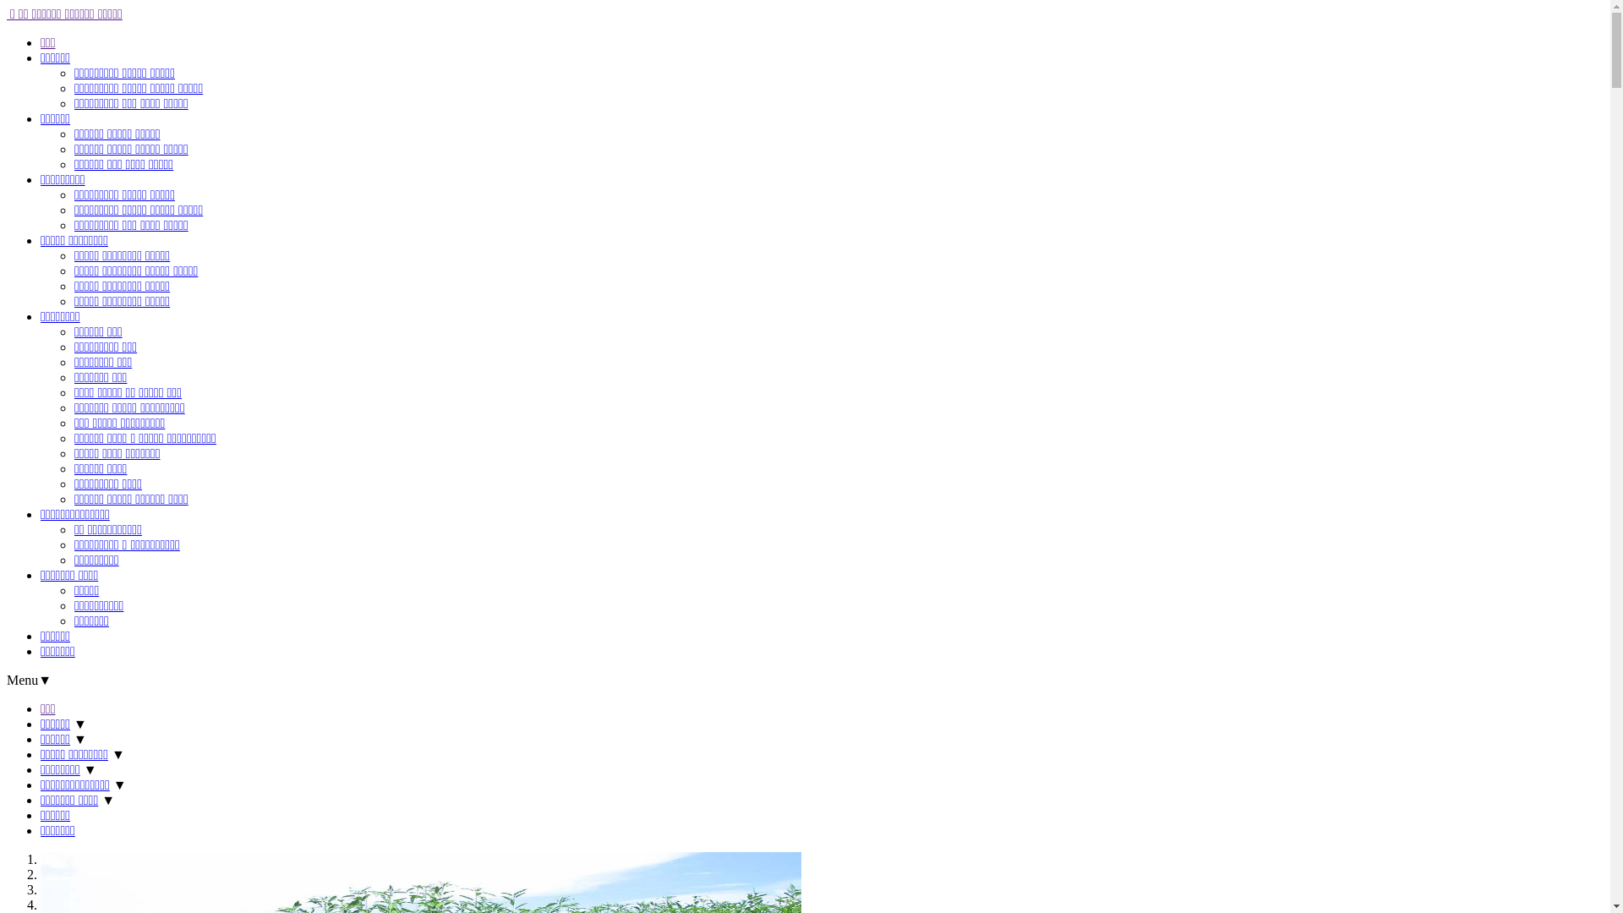 This screenshot has height=913, width=1623. What do you see at coordinates (44, 859) in the screenshot?
I see `'1'` at bounding box center [44, 859].